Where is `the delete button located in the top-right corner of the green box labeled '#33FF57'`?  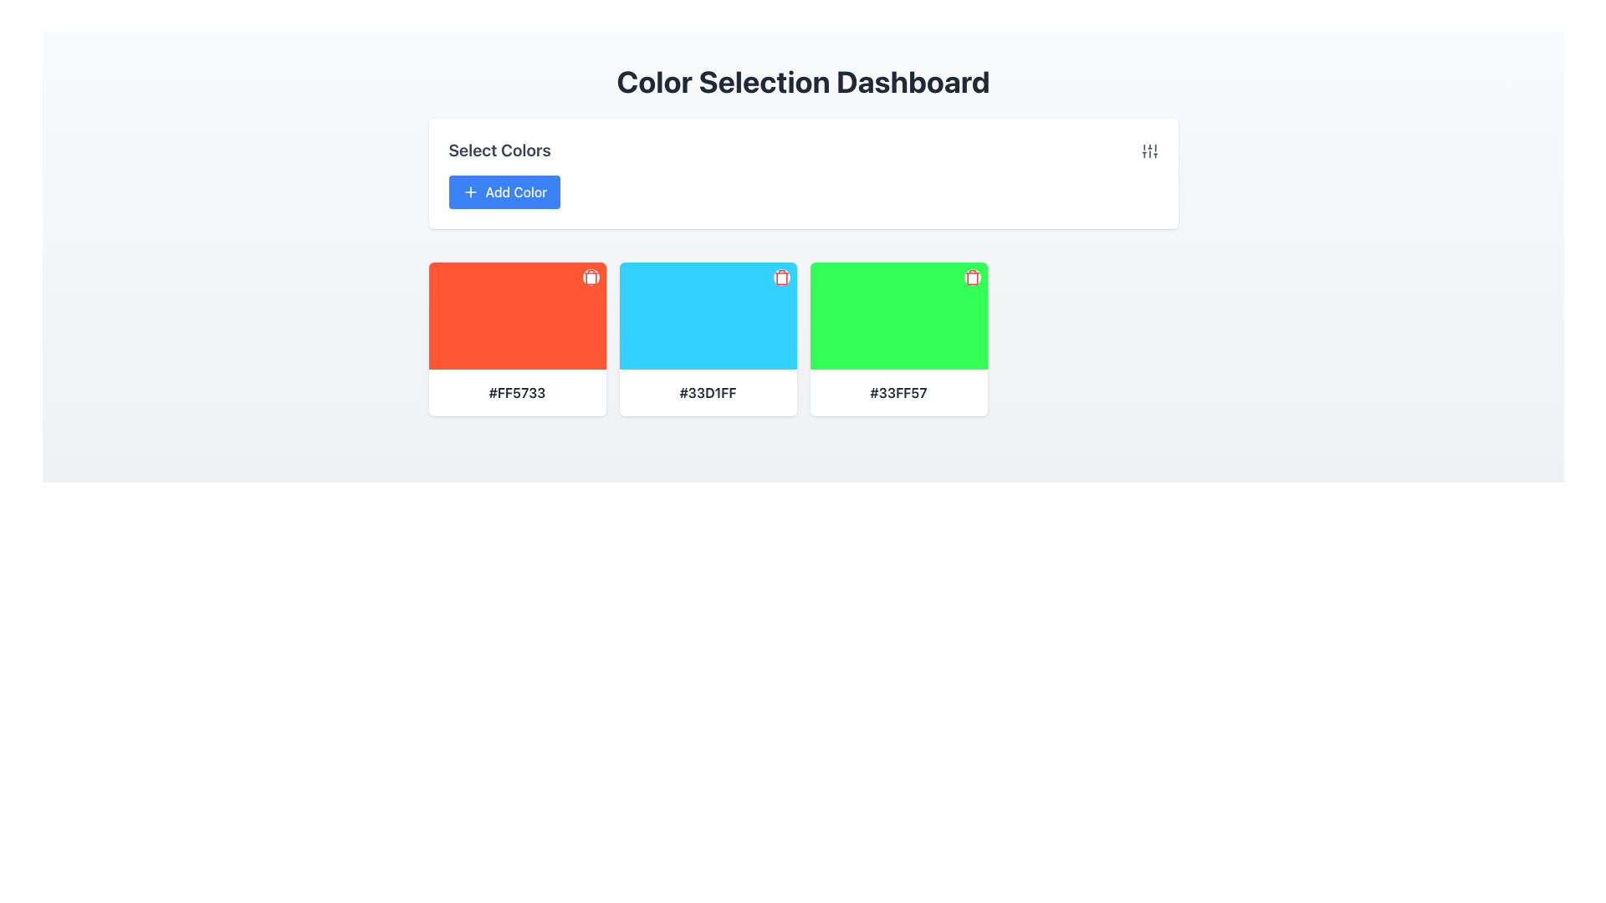
the delete button located in the top-right corner of the green box labeled '#33FF57' is located at coordinates (972, 276).